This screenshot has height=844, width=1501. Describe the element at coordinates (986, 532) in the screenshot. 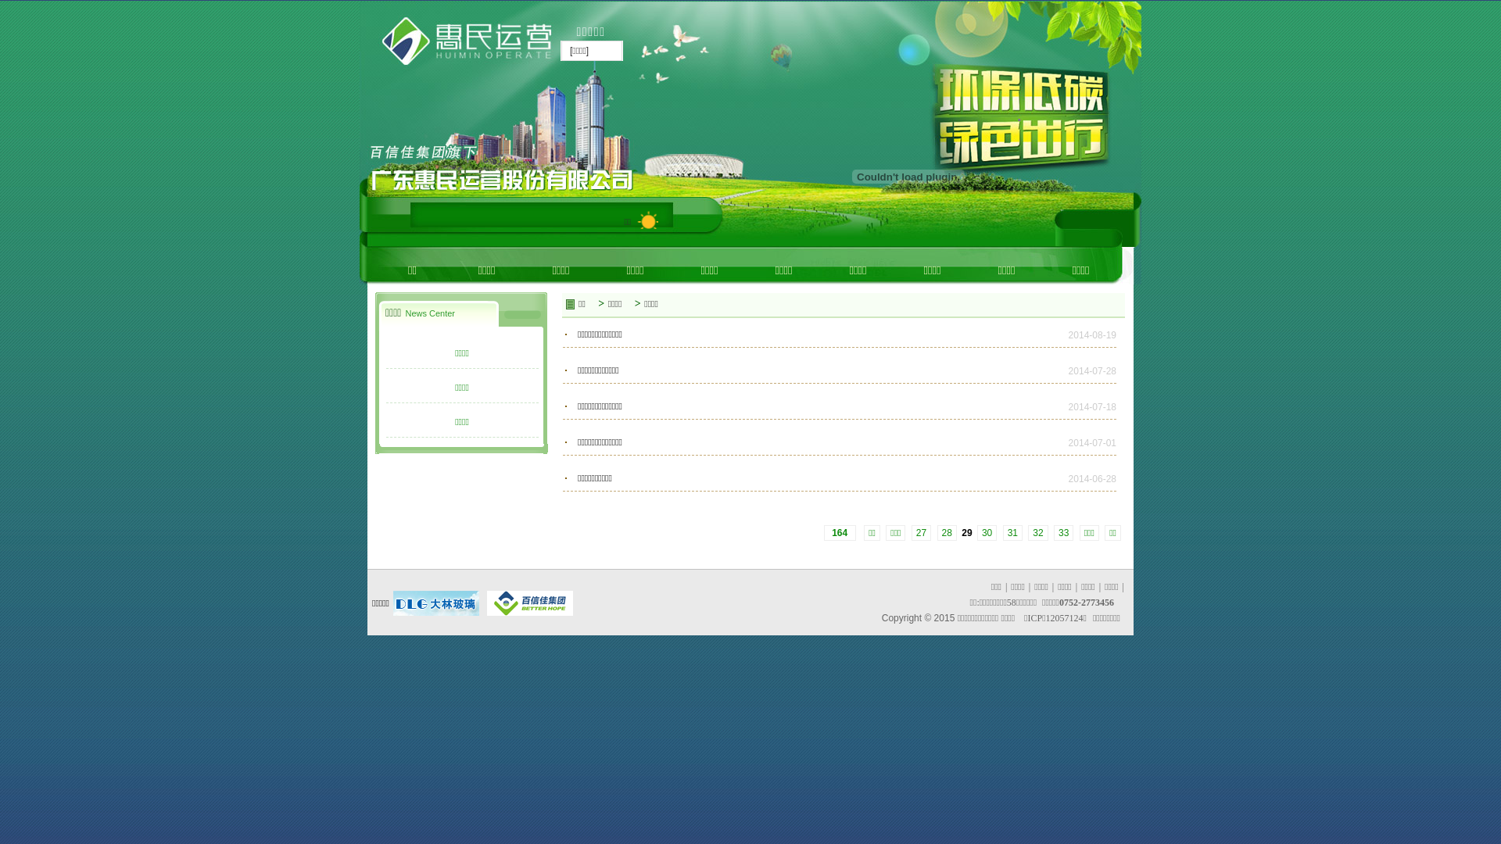

I see `'30'` at that location.